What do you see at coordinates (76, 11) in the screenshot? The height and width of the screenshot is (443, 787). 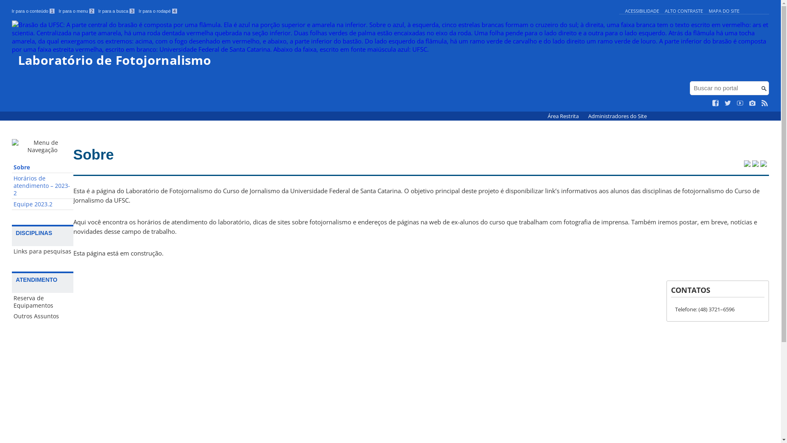 I see `'Ir para o menu 2'` at bounding box center [76, 11].